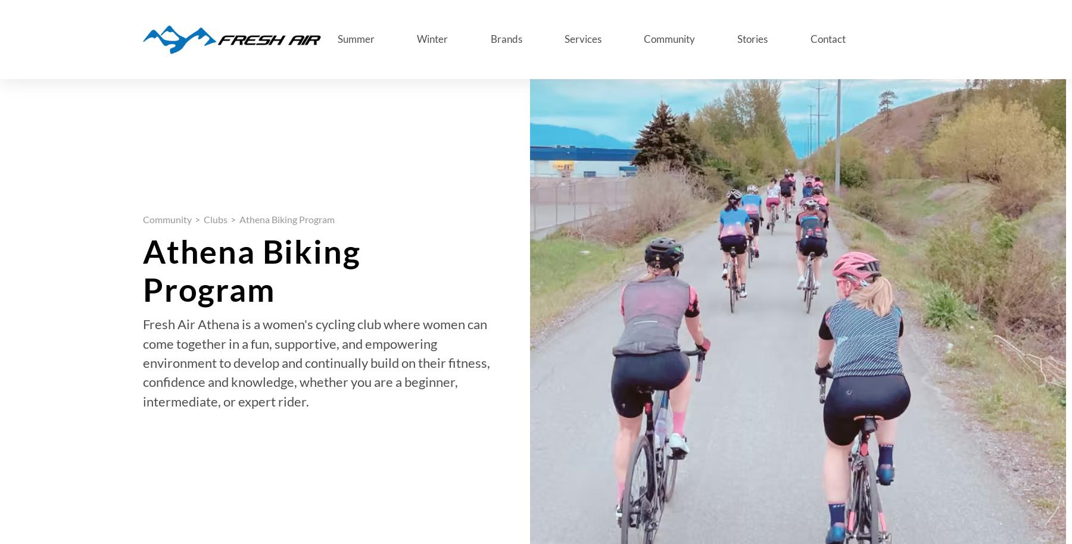  What do you see at coordinates (211, 214) in the screenshot?
I see `'Our Stories'` at bounding box center [211, 214].